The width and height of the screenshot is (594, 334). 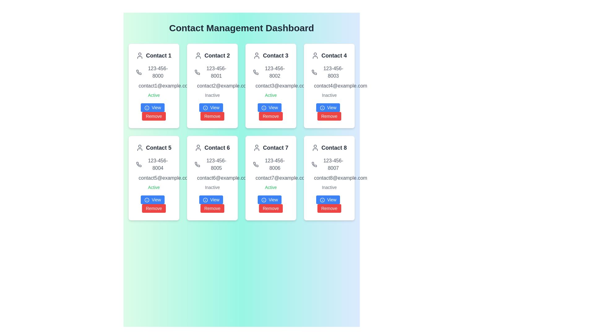 What do you see at coordinates (139, 148) in the screenshot?
I see `the vector graphic icon that represents the 'Contact 5' card located at the top left of the card in the contact management dashboard` at bounding box center [139, 148].